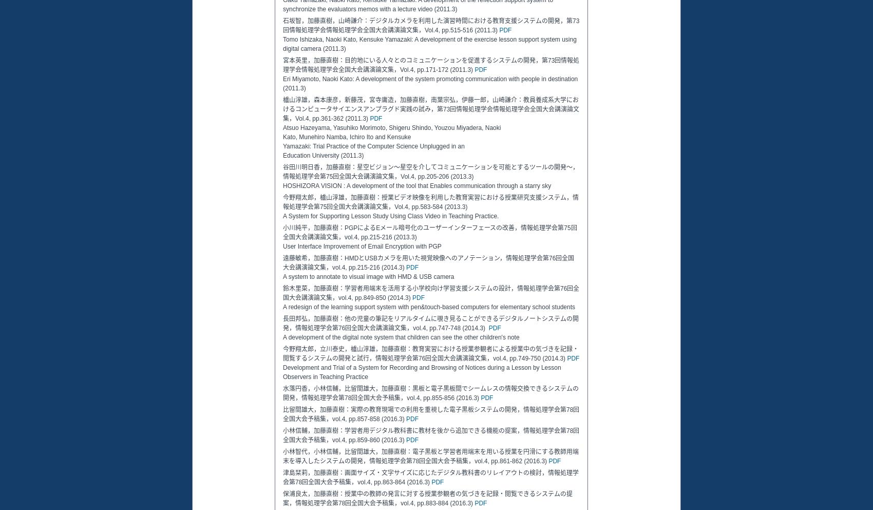  What do you see at coordinates (400, 337) in the screenshot?
I see `'A development of the digital note system that children can see the other children's note'` at bounding box center [400, 337].